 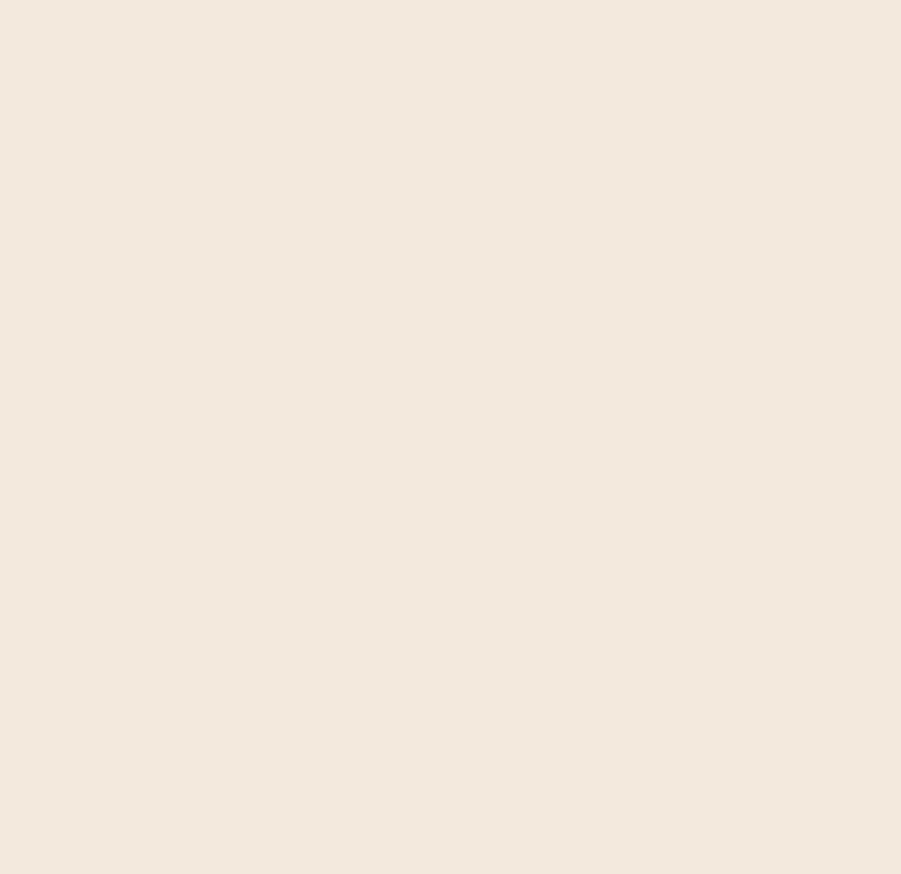 What do you see at coordinates (44, 93) in the screenshot?
I see `'Download French'` at bounding box center [44, 93].